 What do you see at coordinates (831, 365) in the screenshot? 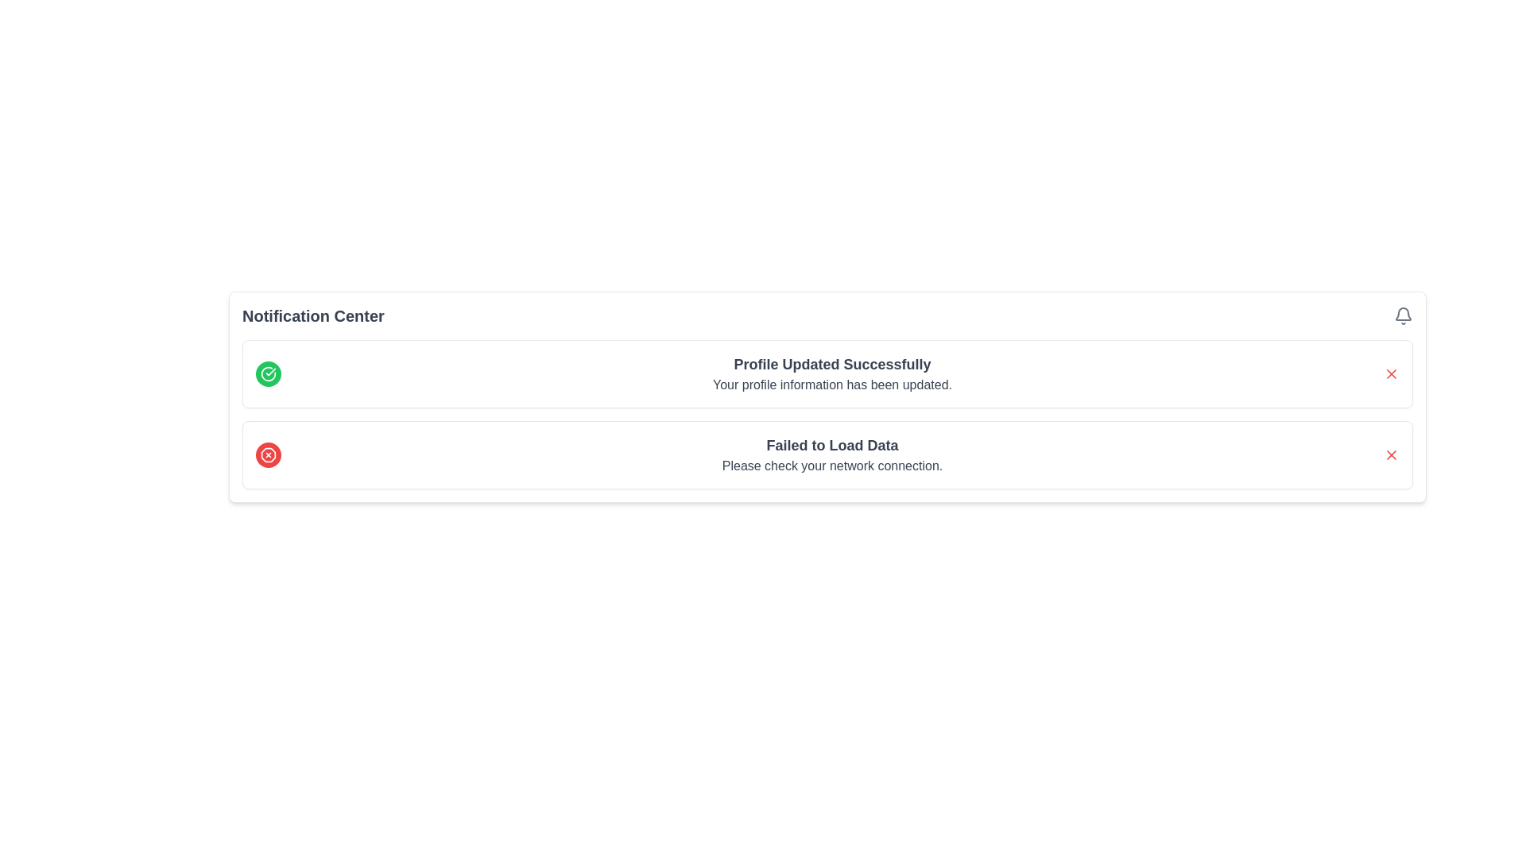
I see `the confirmation text label that notifies the user of a successful profile update` at bounding box center [831, 365].